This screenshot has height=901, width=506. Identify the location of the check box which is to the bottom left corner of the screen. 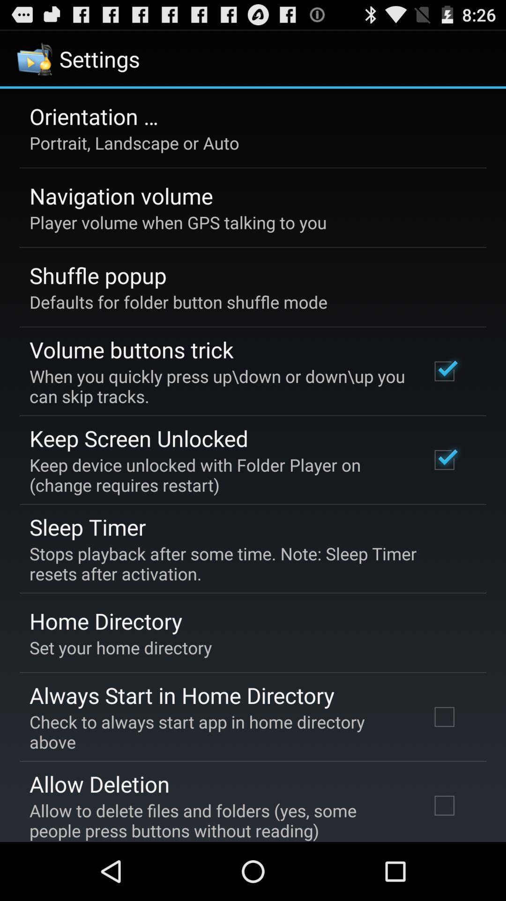
(444, 805).